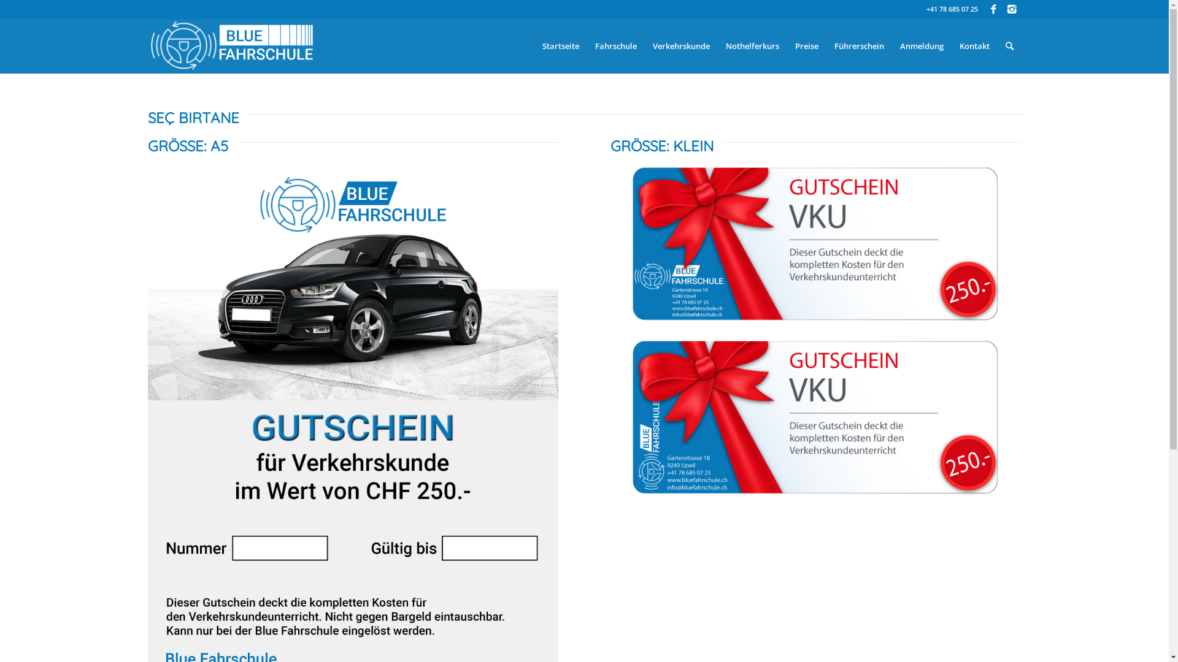  What do you see at coordinates (815, 416) in the screenshot?
I see `'gutschein_small2_02'` at bounding box center [815, 416].